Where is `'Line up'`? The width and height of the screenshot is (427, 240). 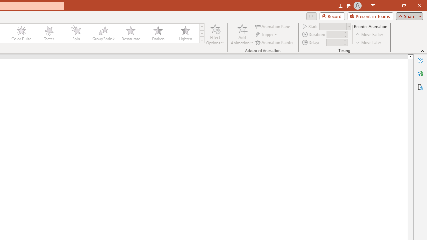 'Line up' is located at coordinates (410, 56).